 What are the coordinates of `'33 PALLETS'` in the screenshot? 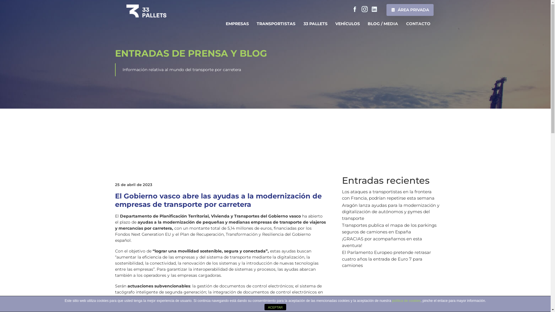 It's located at (315, 24).